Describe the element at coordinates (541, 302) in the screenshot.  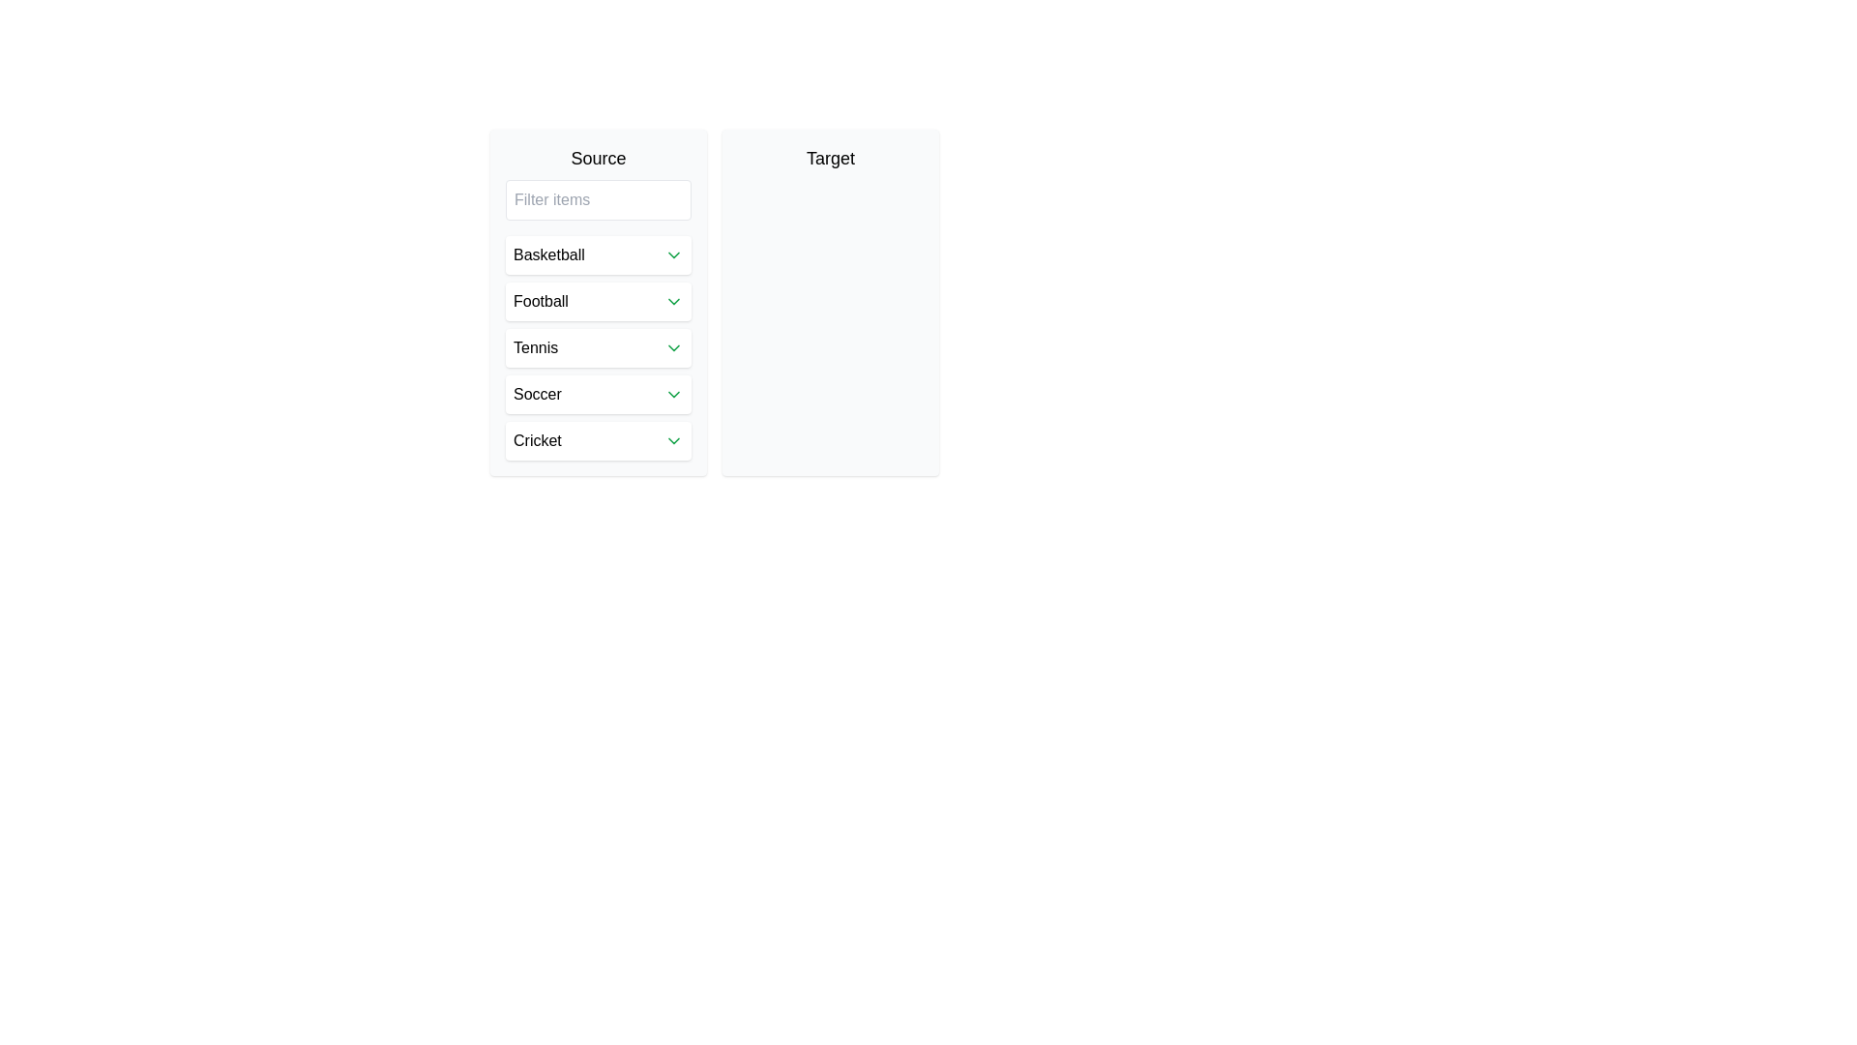
I see `the text label displaying 'Football' within the button under the header 'Source' in the second row of the vertical list` at that location.